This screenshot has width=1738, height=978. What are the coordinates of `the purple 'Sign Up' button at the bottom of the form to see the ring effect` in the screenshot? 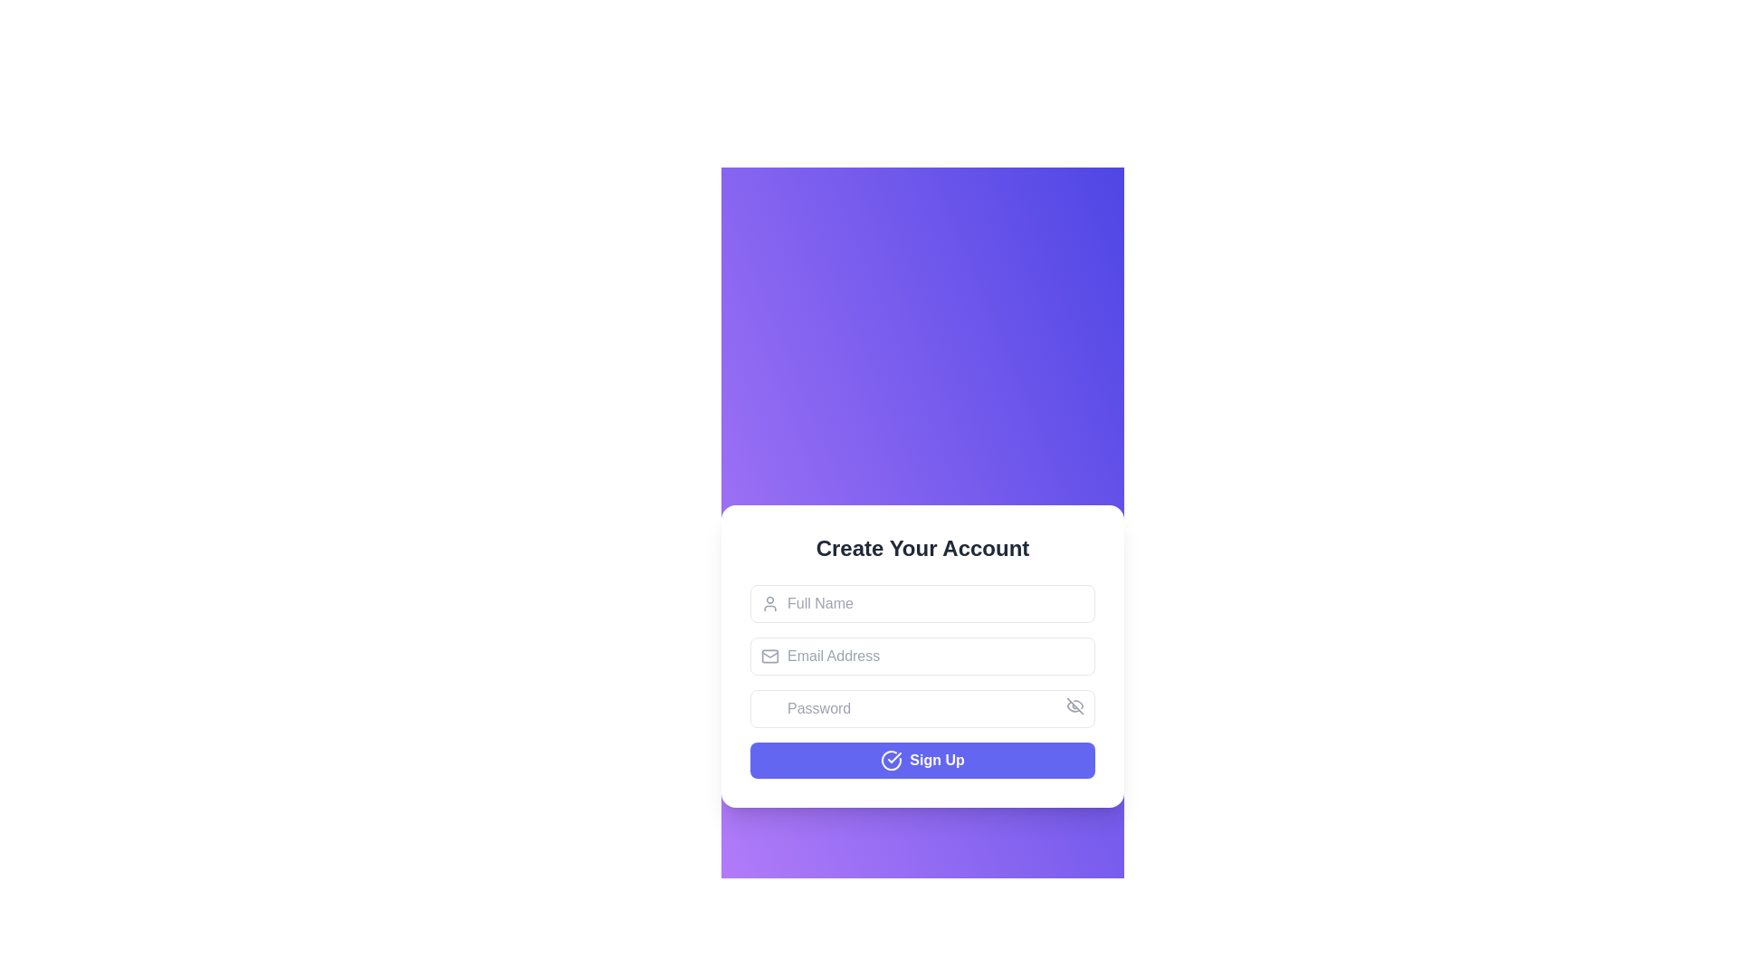 It's located at (922, 761).